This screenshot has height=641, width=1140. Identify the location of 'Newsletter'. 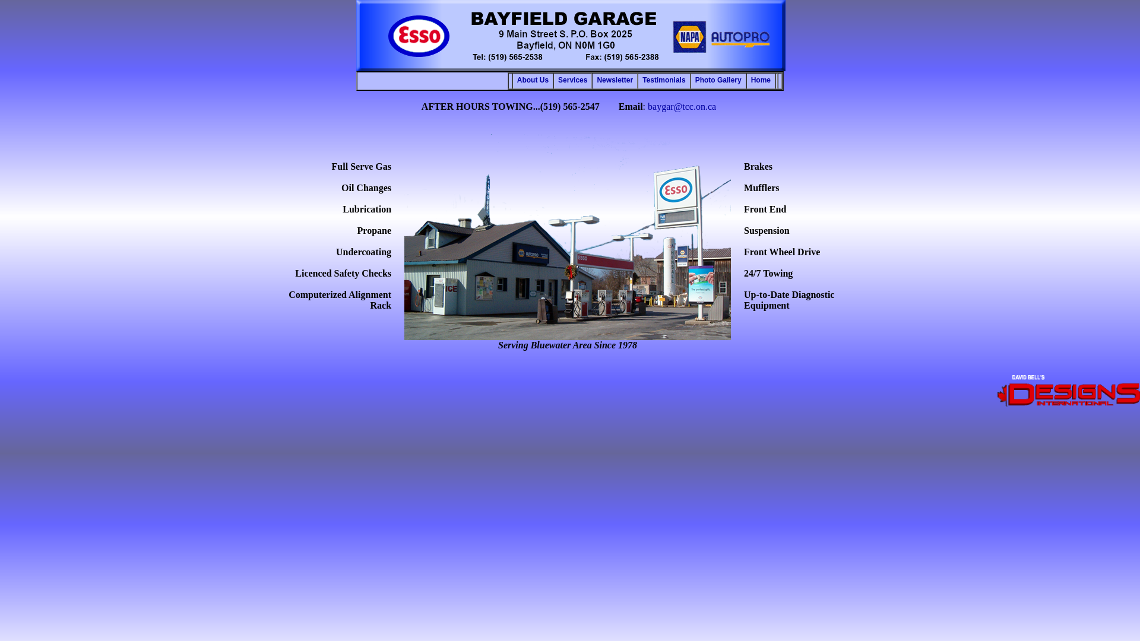
(615, 80).